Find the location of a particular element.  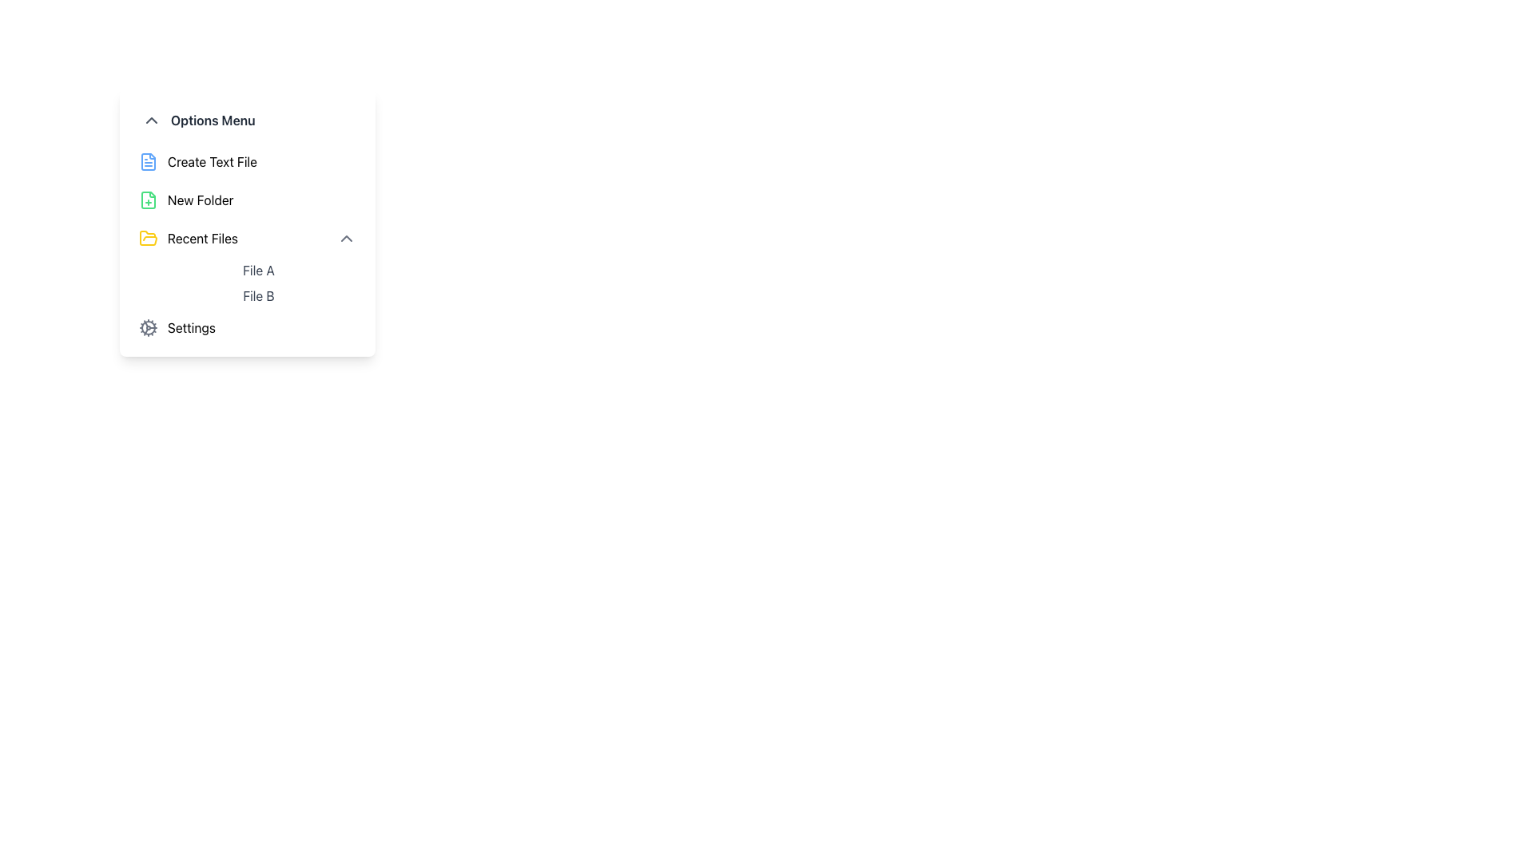

the yellow folder-shaped icon located to the left of the 'Recent Files' text in the vertical menu list is located at coordinates (149, 239).